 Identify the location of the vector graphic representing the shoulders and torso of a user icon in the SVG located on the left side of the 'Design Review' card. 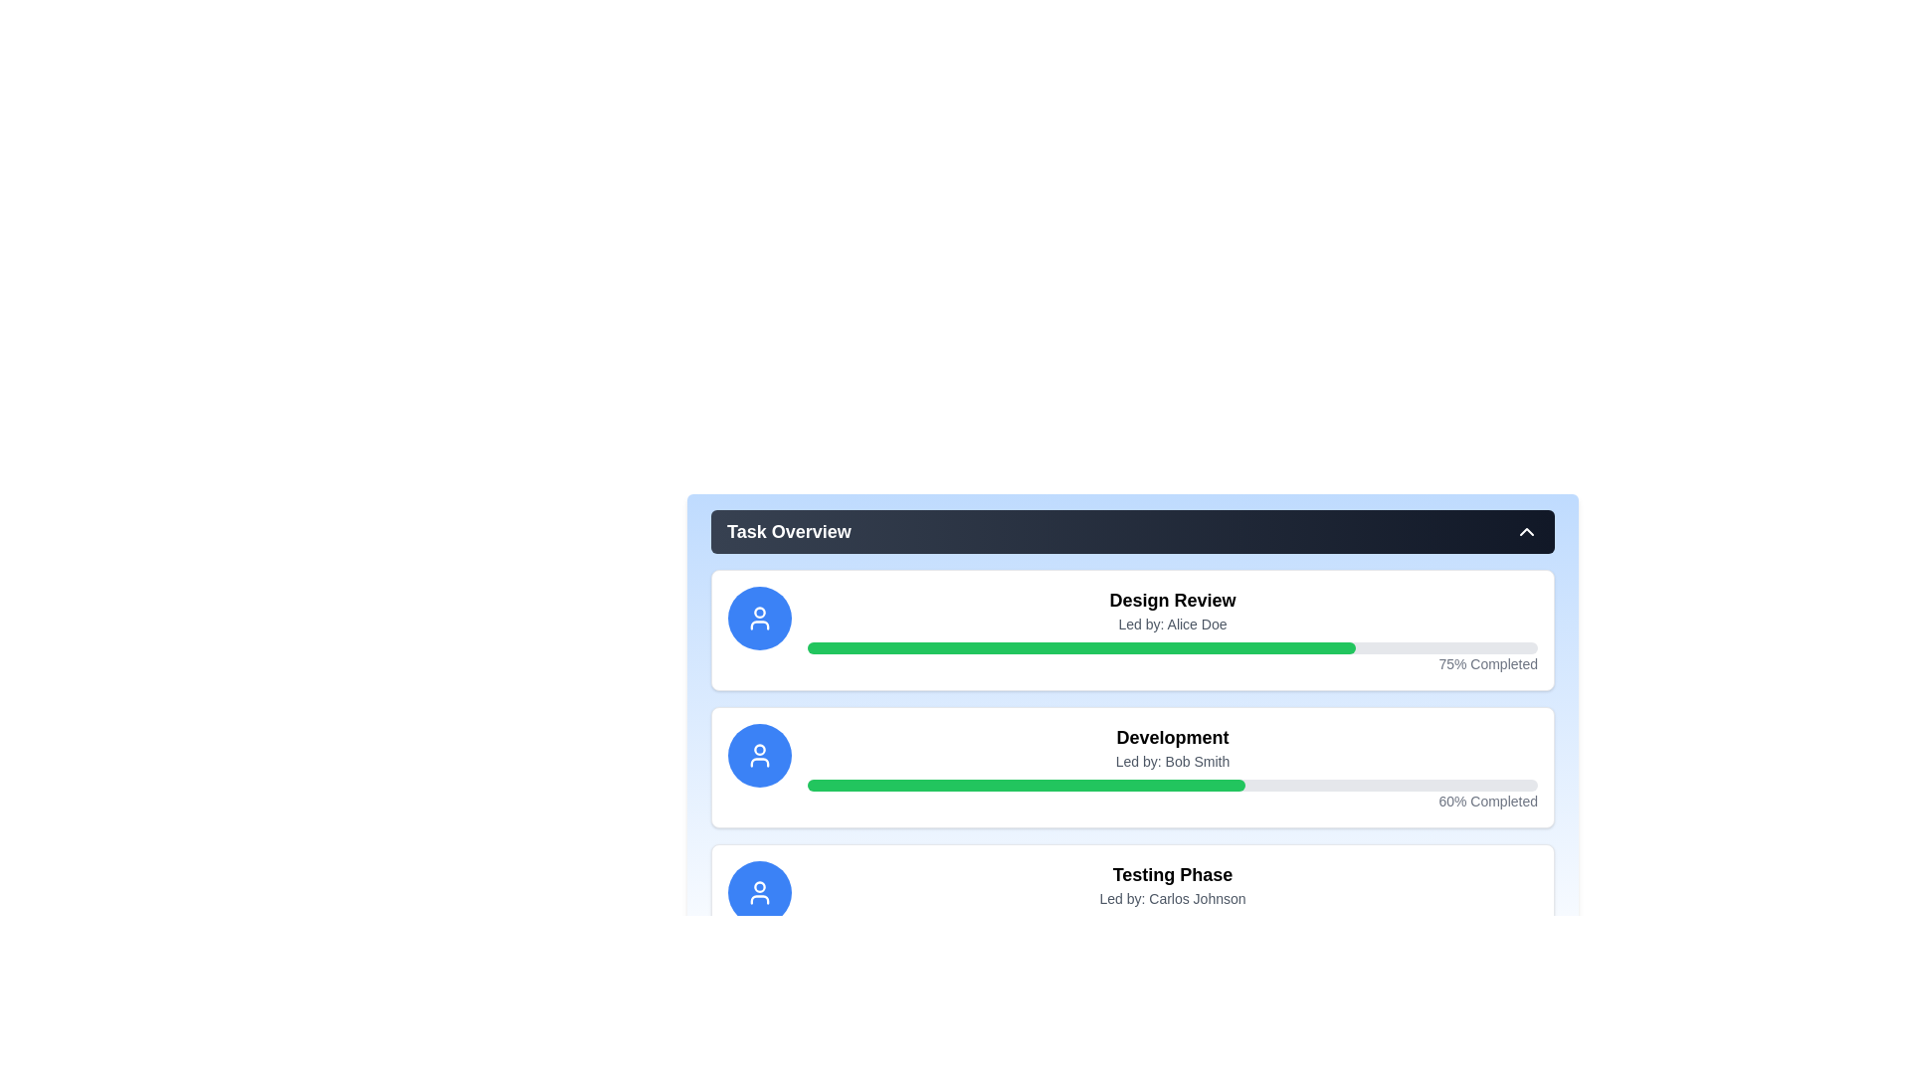
(758, 624).